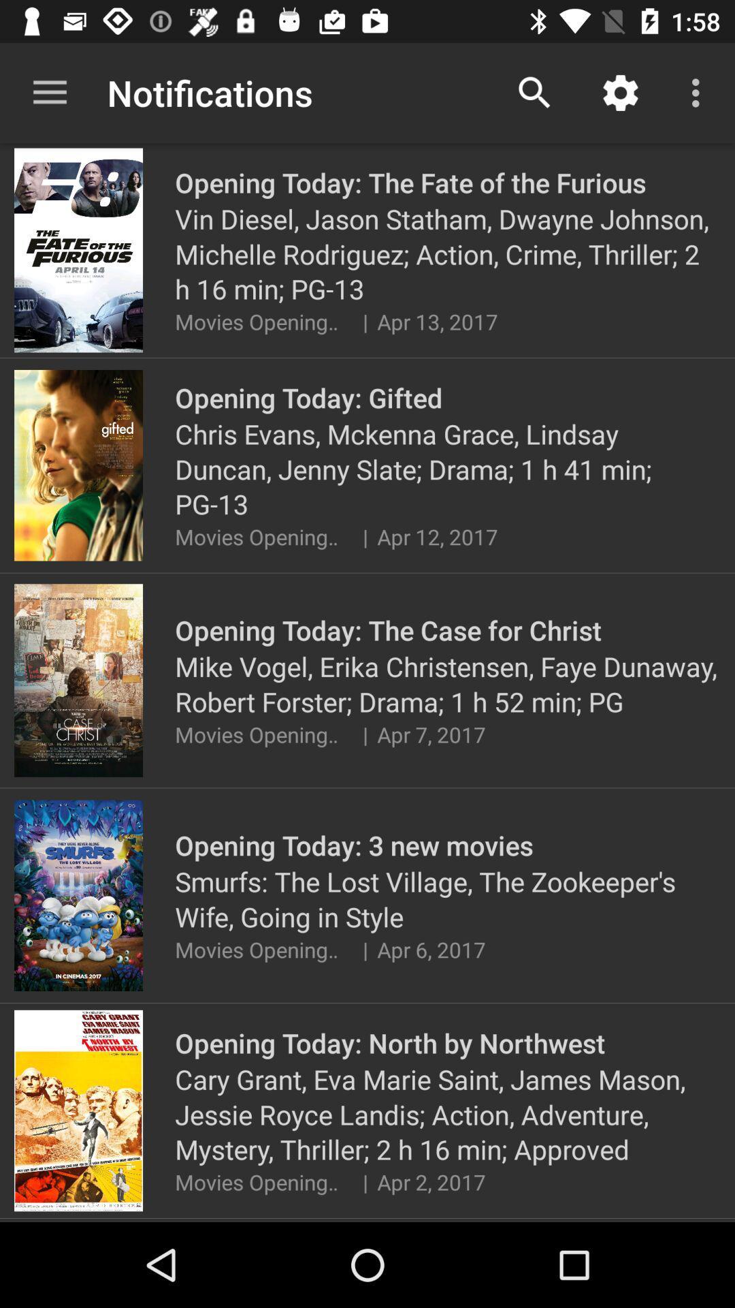  I want to click on icon next to movies opening today item, so click(364, 321).